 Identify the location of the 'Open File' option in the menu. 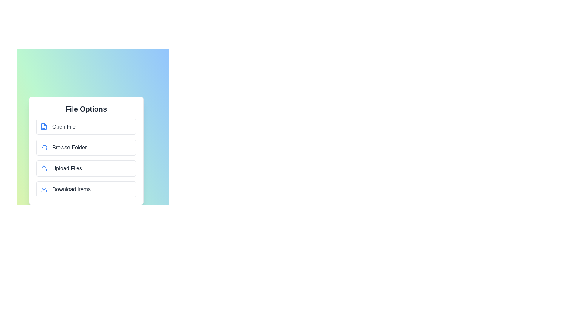
(86, 126).